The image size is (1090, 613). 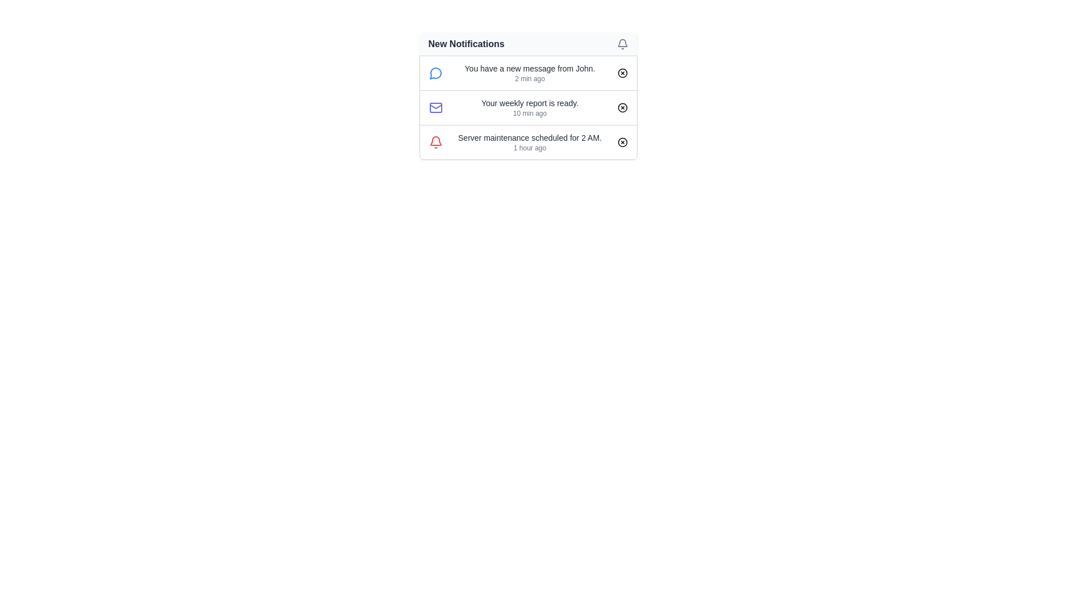 I want to click on the notification icon representing alerts or warnings, which is positioned at the leftmost side of the last row in the notification list, just before the server maintenance text, so click(x=435, y=141).